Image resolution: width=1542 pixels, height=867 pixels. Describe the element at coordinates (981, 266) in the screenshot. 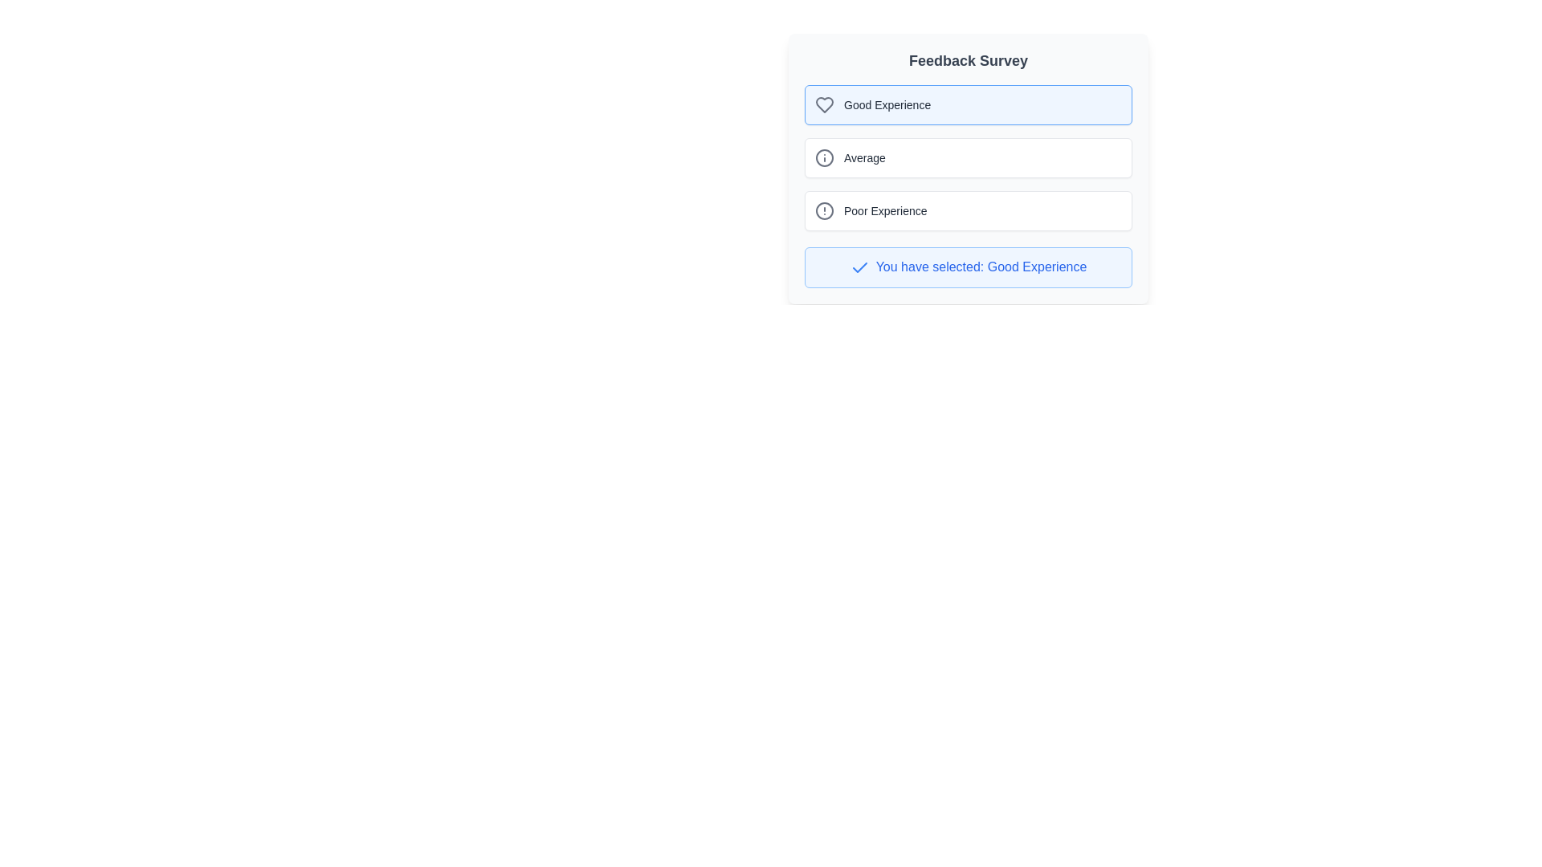

I see `confirmation message displayed in the text block located in the feedback survey interface, positioned next to a checkmark icon` at that location.